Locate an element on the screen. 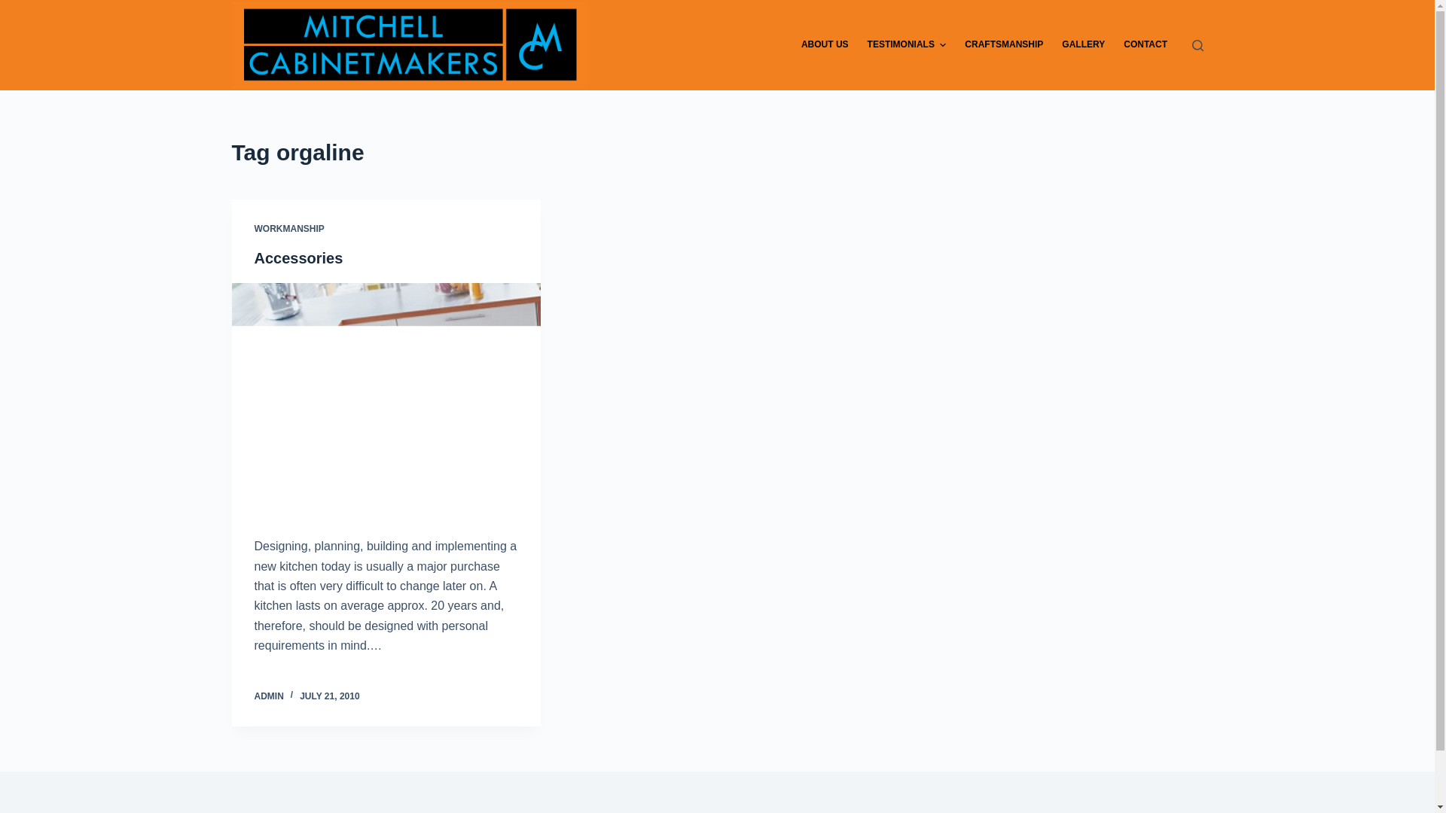  'WORKMANSHIP' is located at coordinates (289, 229).